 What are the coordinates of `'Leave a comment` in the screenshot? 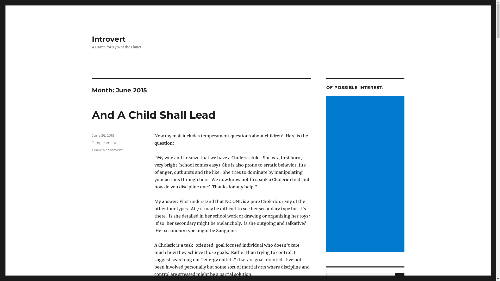 It's located at (91, 150).